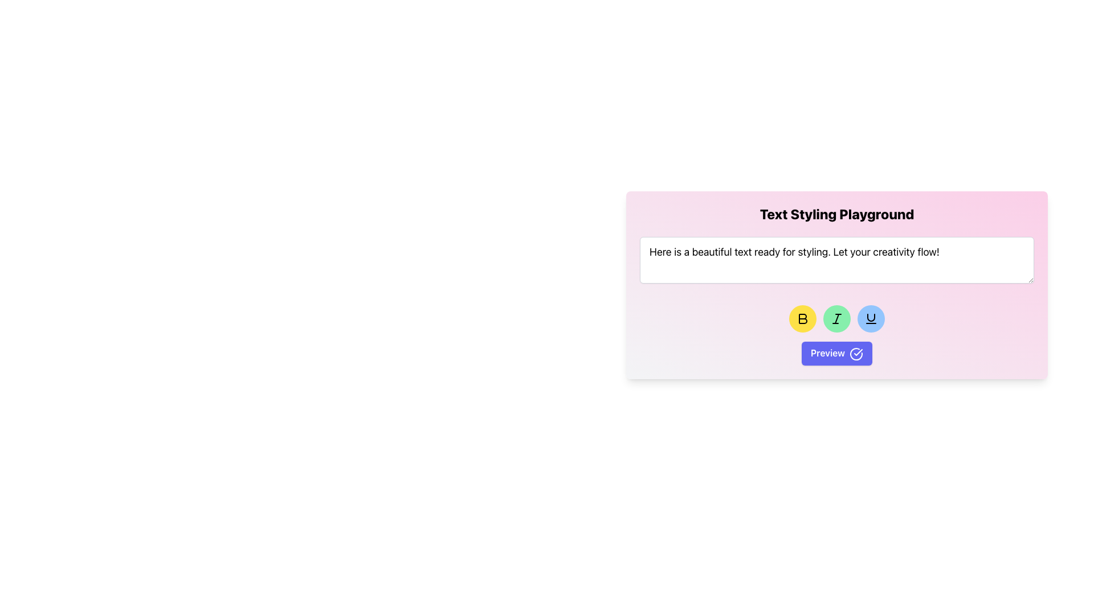  Describe the element at coordinates (856, 353) in the screenshot. I see `the confirmation graphical icon located within the blue 'Preview' button at the bottom-right of the interface` at that location.